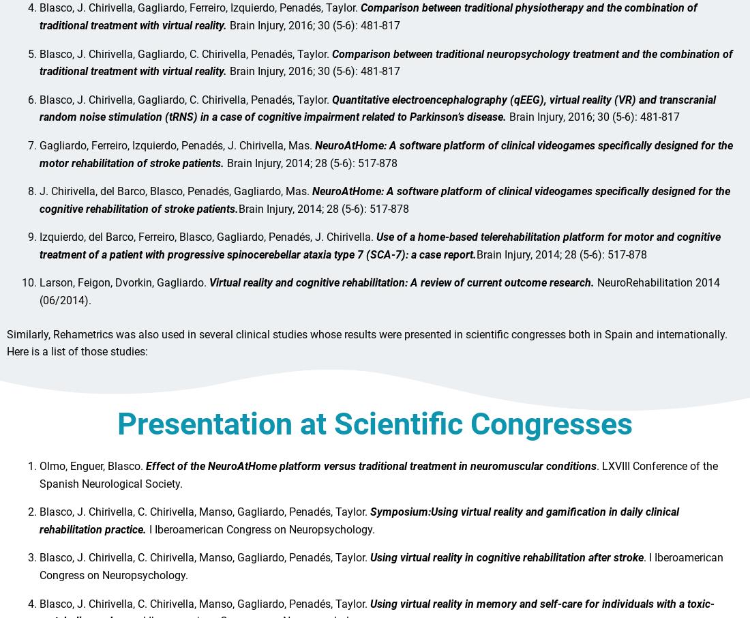 Image resolution: width=750 pixels, height=618 pixels. What do you see at coordinates (371, 471) in the screenshot?
I see `'Effect of the NeuroAtHome platform versus traditional treatment in neuromuscular conditions'` at bounding box center [371, 471].